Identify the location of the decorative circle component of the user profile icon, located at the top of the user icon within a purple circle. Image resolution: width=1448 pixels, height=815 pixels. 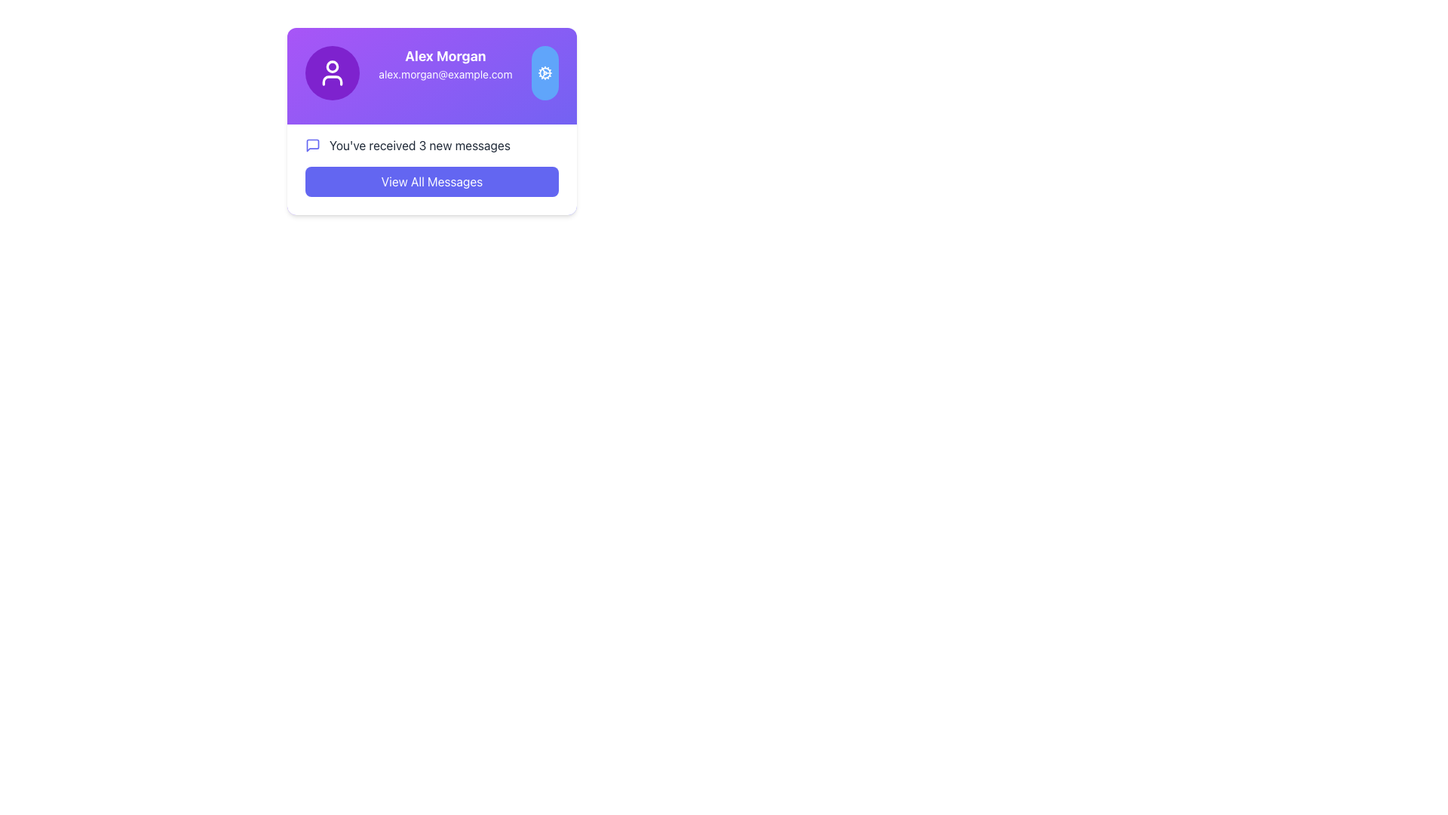
(332, 66).